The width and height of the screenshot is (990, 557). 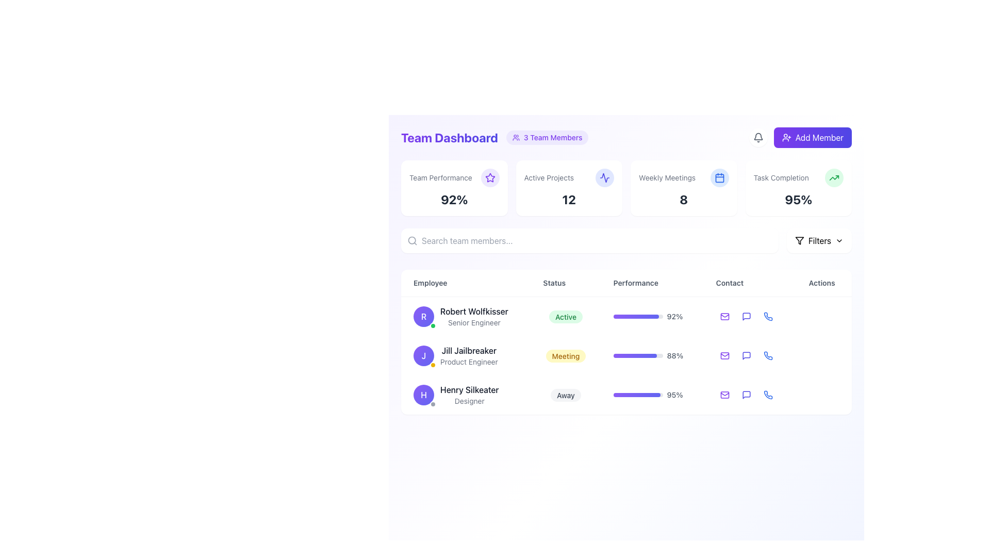 What do you see at coordinates (719, 177) in the screenshot?
I see `the calendar icon located in the top-right of the 'Weekly Meetings' section, adjacent to the number 8` at bounding box center [719, 177].